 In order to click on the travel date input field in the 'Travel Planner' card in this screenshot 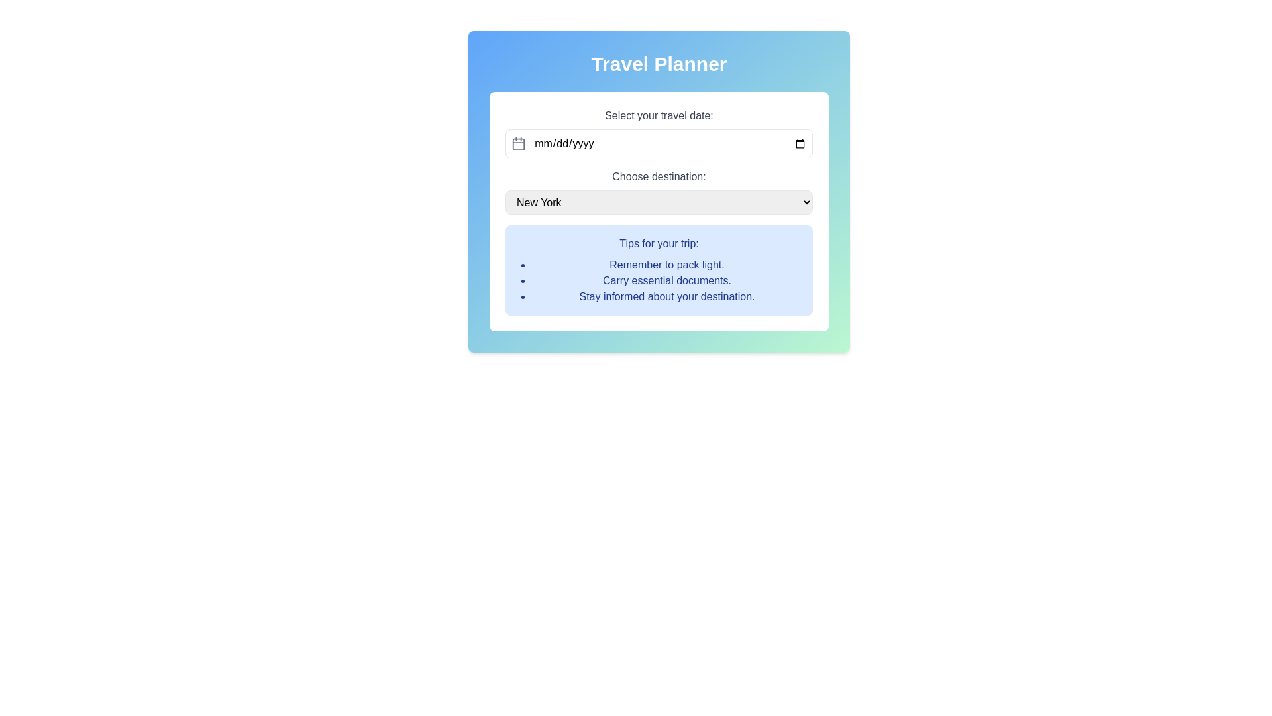, I will do `click(659, 133)`.